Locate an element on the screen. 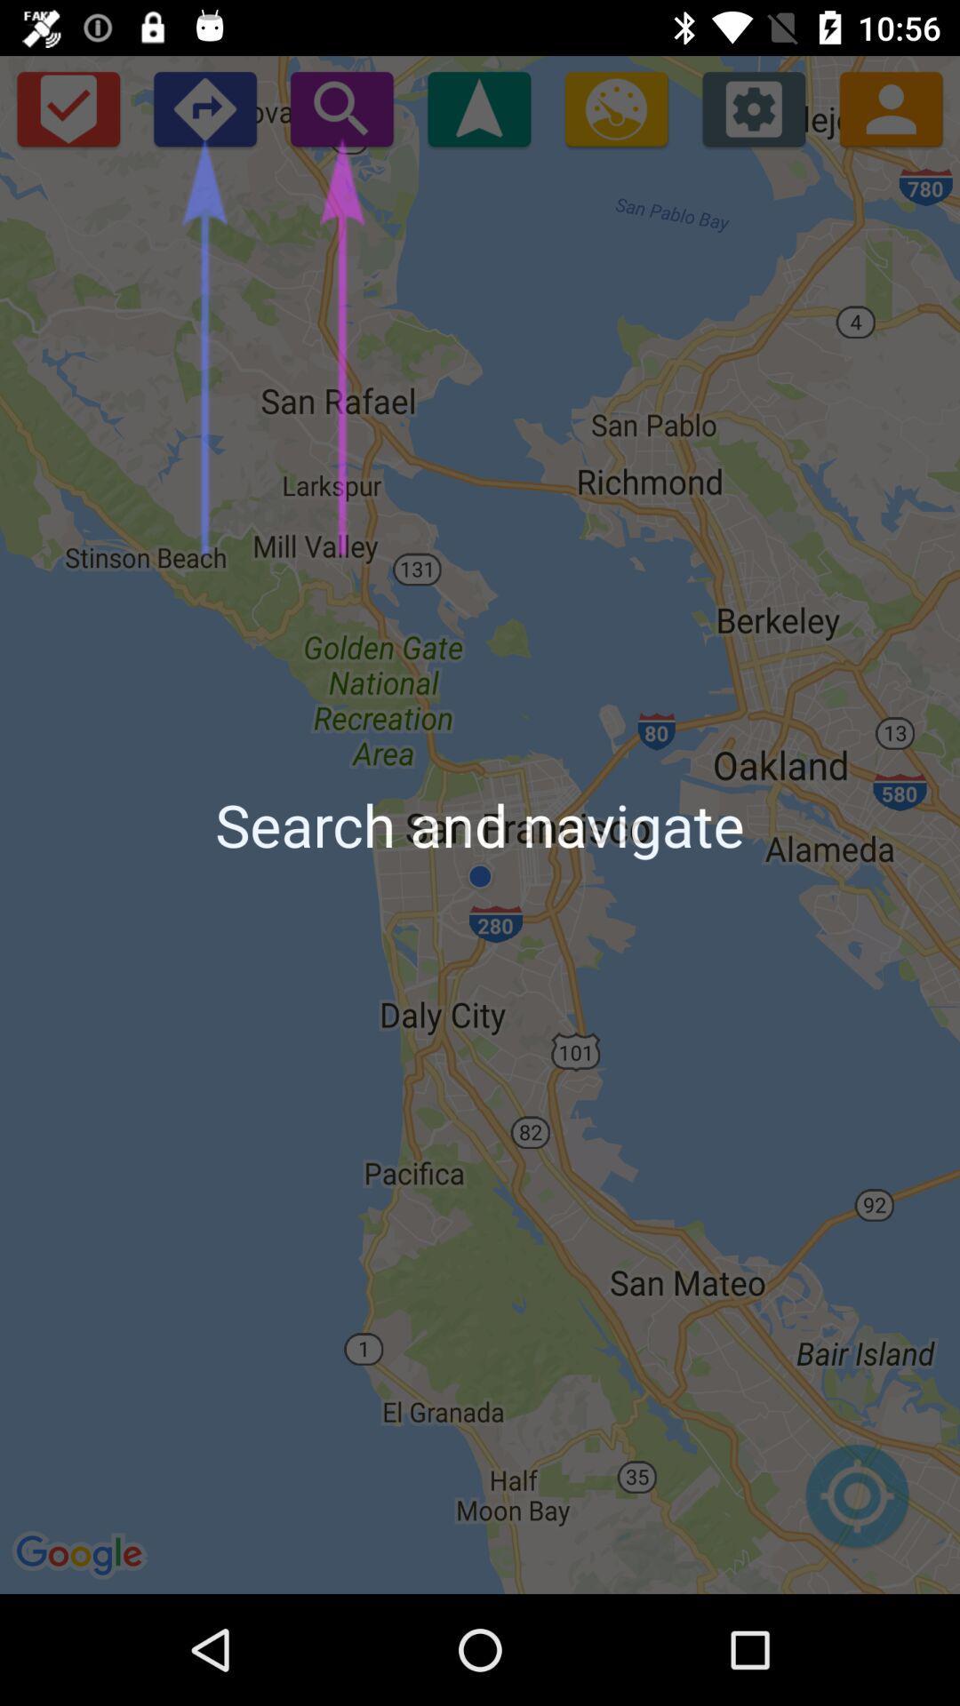 This screenshot has width=960, height=1706. icon at the bottom right corner is located at coordinates (856, 1504).